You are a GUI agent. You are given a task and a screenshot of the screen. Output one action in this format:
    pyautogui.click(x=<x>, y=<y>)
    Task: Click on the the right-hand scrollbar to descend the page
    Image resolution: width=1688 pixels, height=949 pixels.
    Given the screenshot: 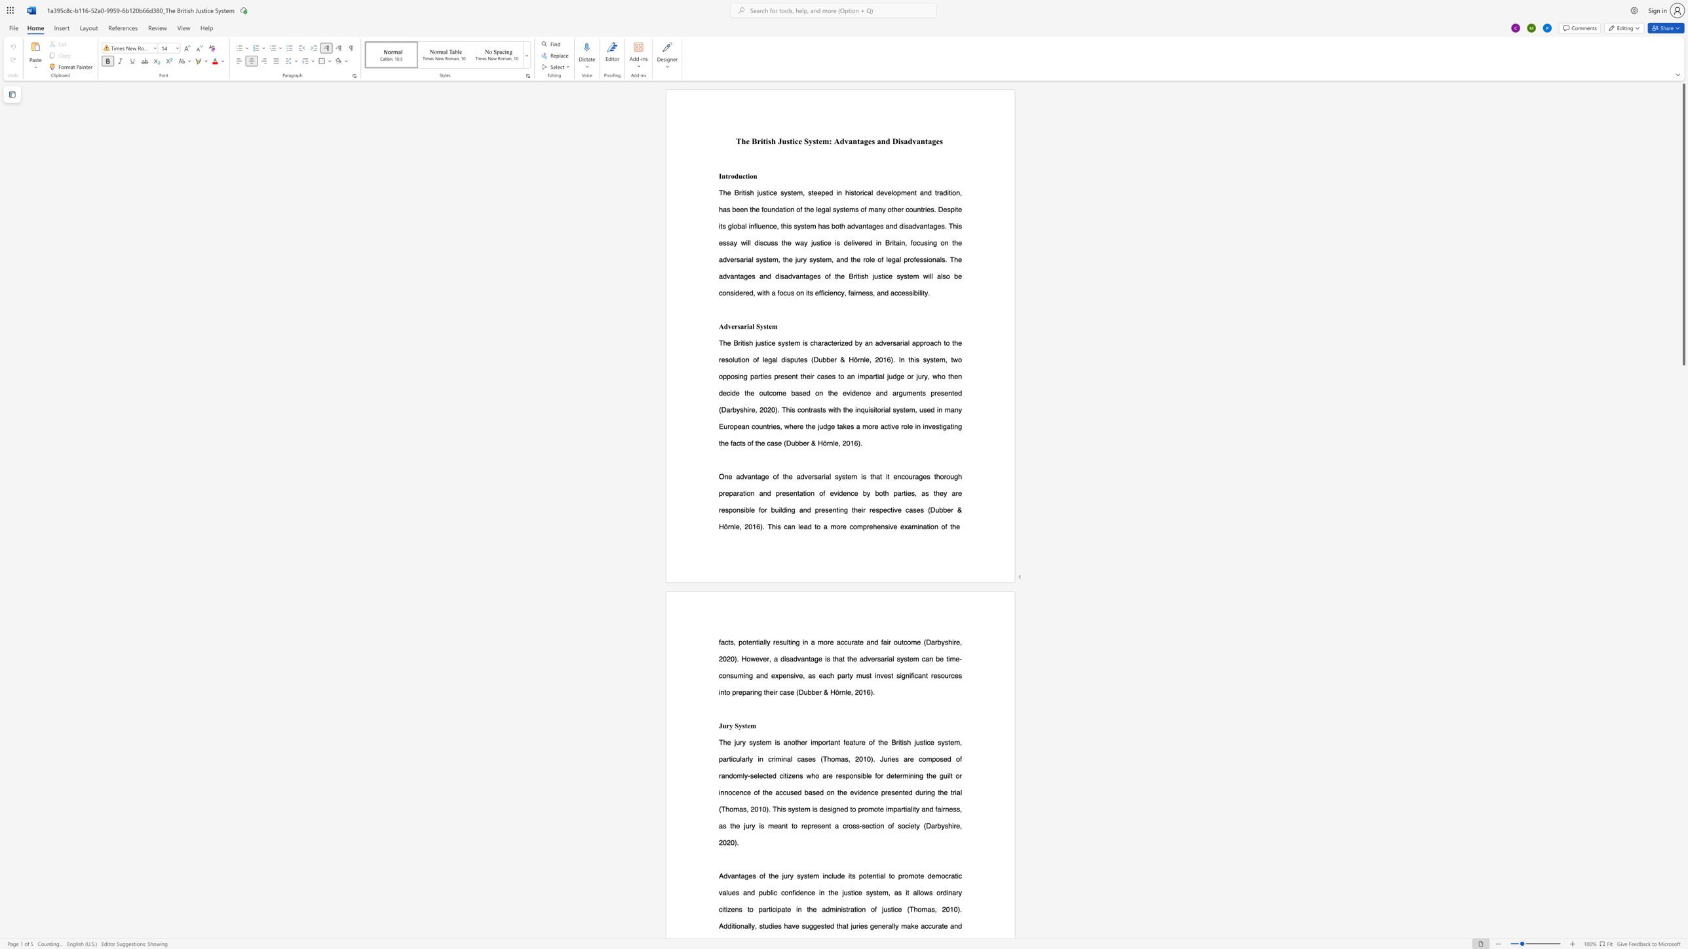 What is the action you would take?
    pyautogui.click(x=1683, y=589)
    